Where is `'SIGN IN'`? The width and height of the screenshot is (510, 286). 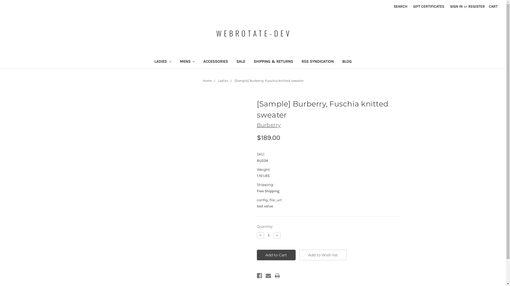 'SIGN IN' is located at coordinates (456, 6).